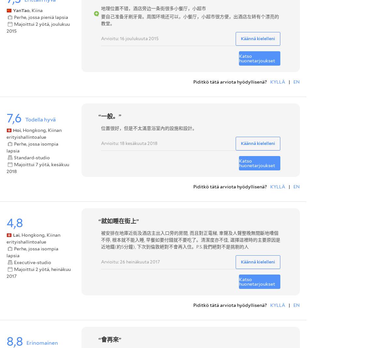  Describe the element at coordinates (21, 10) in the screenshot. I see `'YanTao'` at that location.